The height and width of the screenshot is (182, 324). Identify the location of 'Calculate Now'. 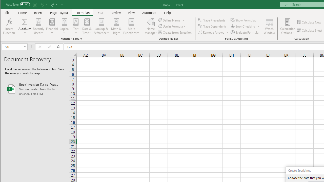
(309, 22).